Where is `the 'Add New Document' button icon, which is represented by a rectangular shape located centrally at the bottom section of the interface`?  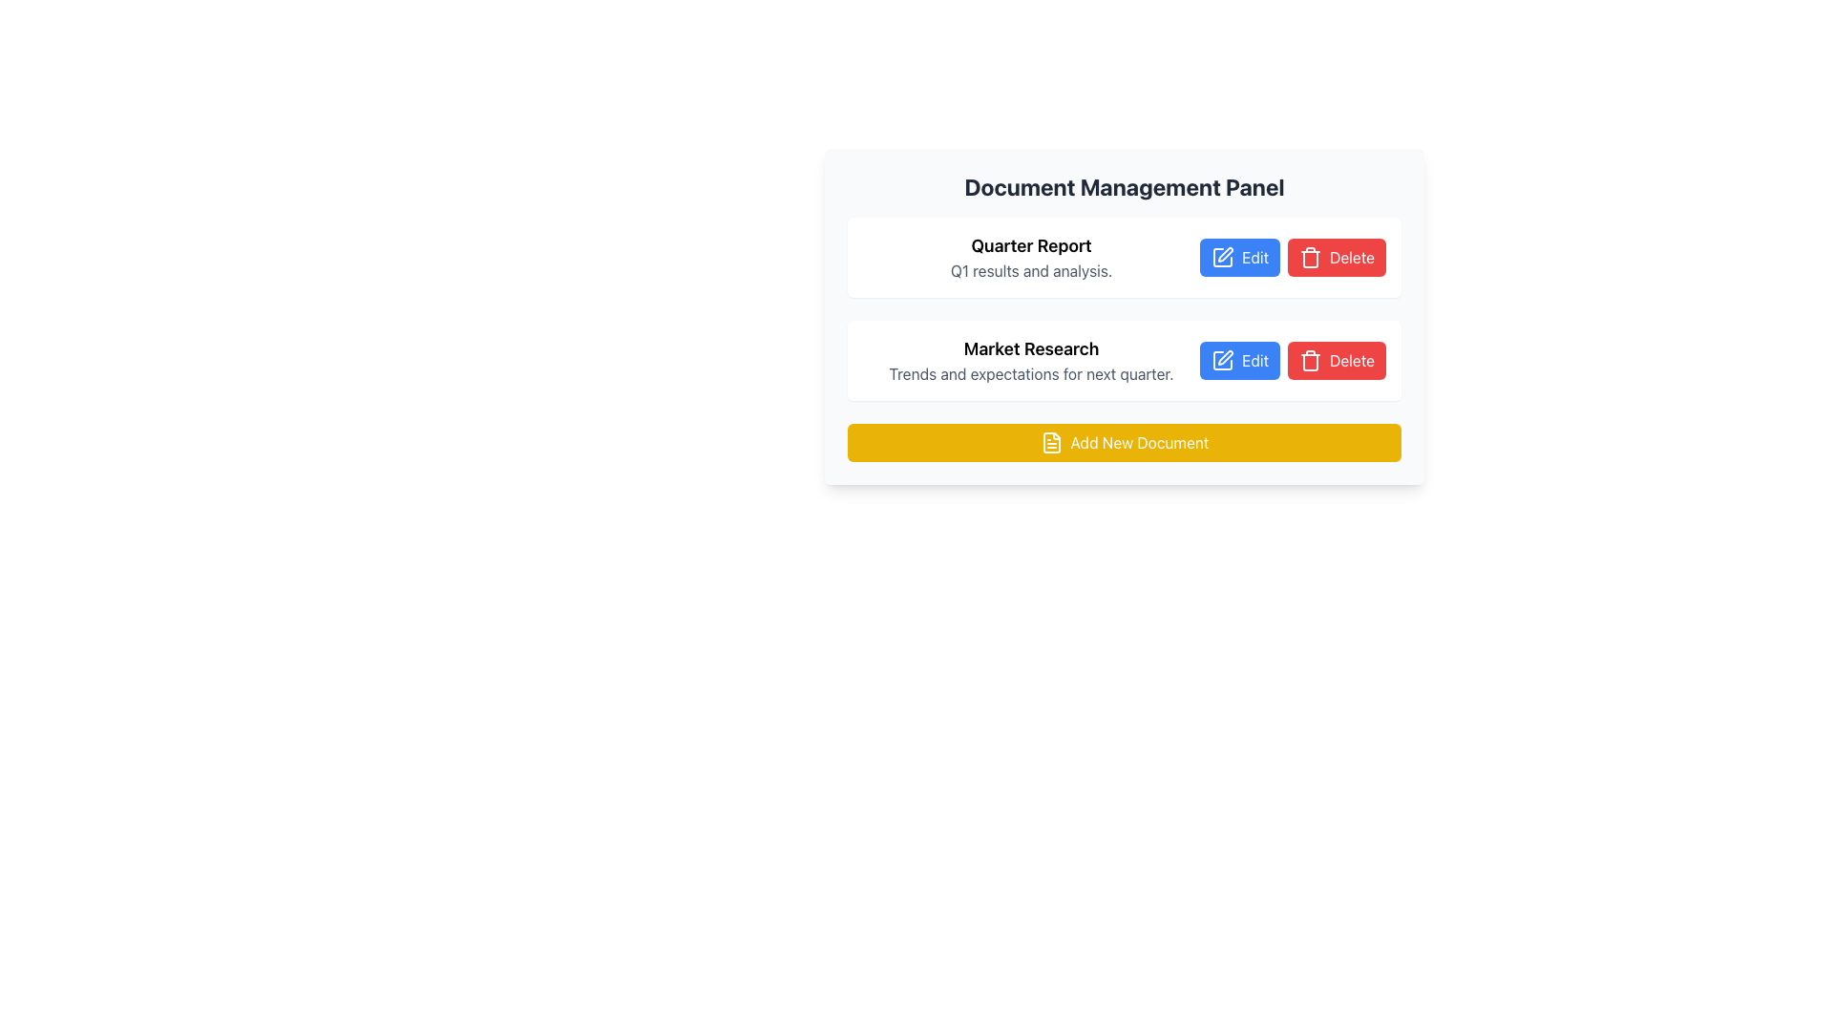 the 'Add New Document' button icon, which is represented by a rectangular shape located centrally at the bottom section of the interface is located at coordinates (1050, 442).